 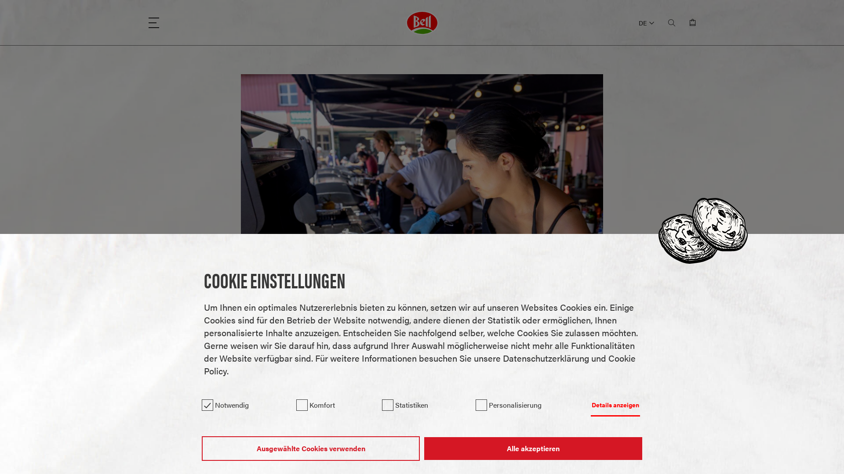 What do you see at coordinates (533, 449) in the screenshot?
I see `'Alle akzeptieren'` at bounding box center [533, 449].